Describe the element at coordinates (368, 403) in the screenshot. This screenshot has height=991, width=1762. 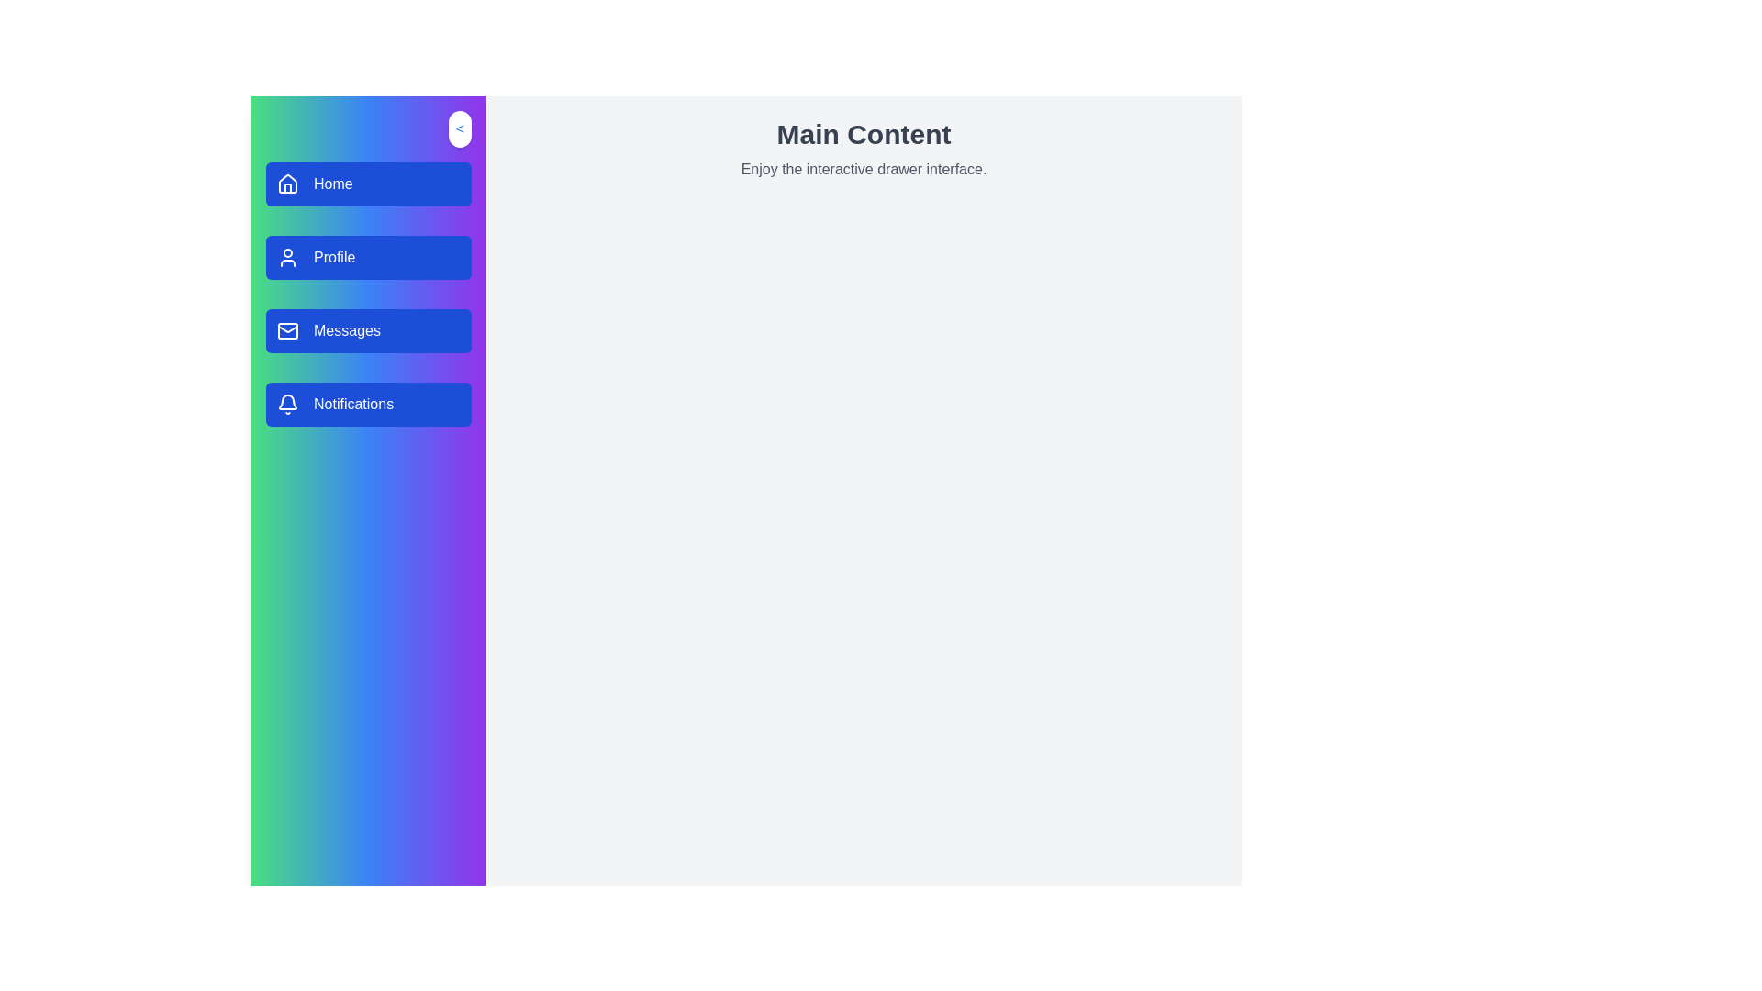
I see `the 'Notifications' button in the vertical navigation menu, which is the fourth item below the 'Messages' button` at that location.